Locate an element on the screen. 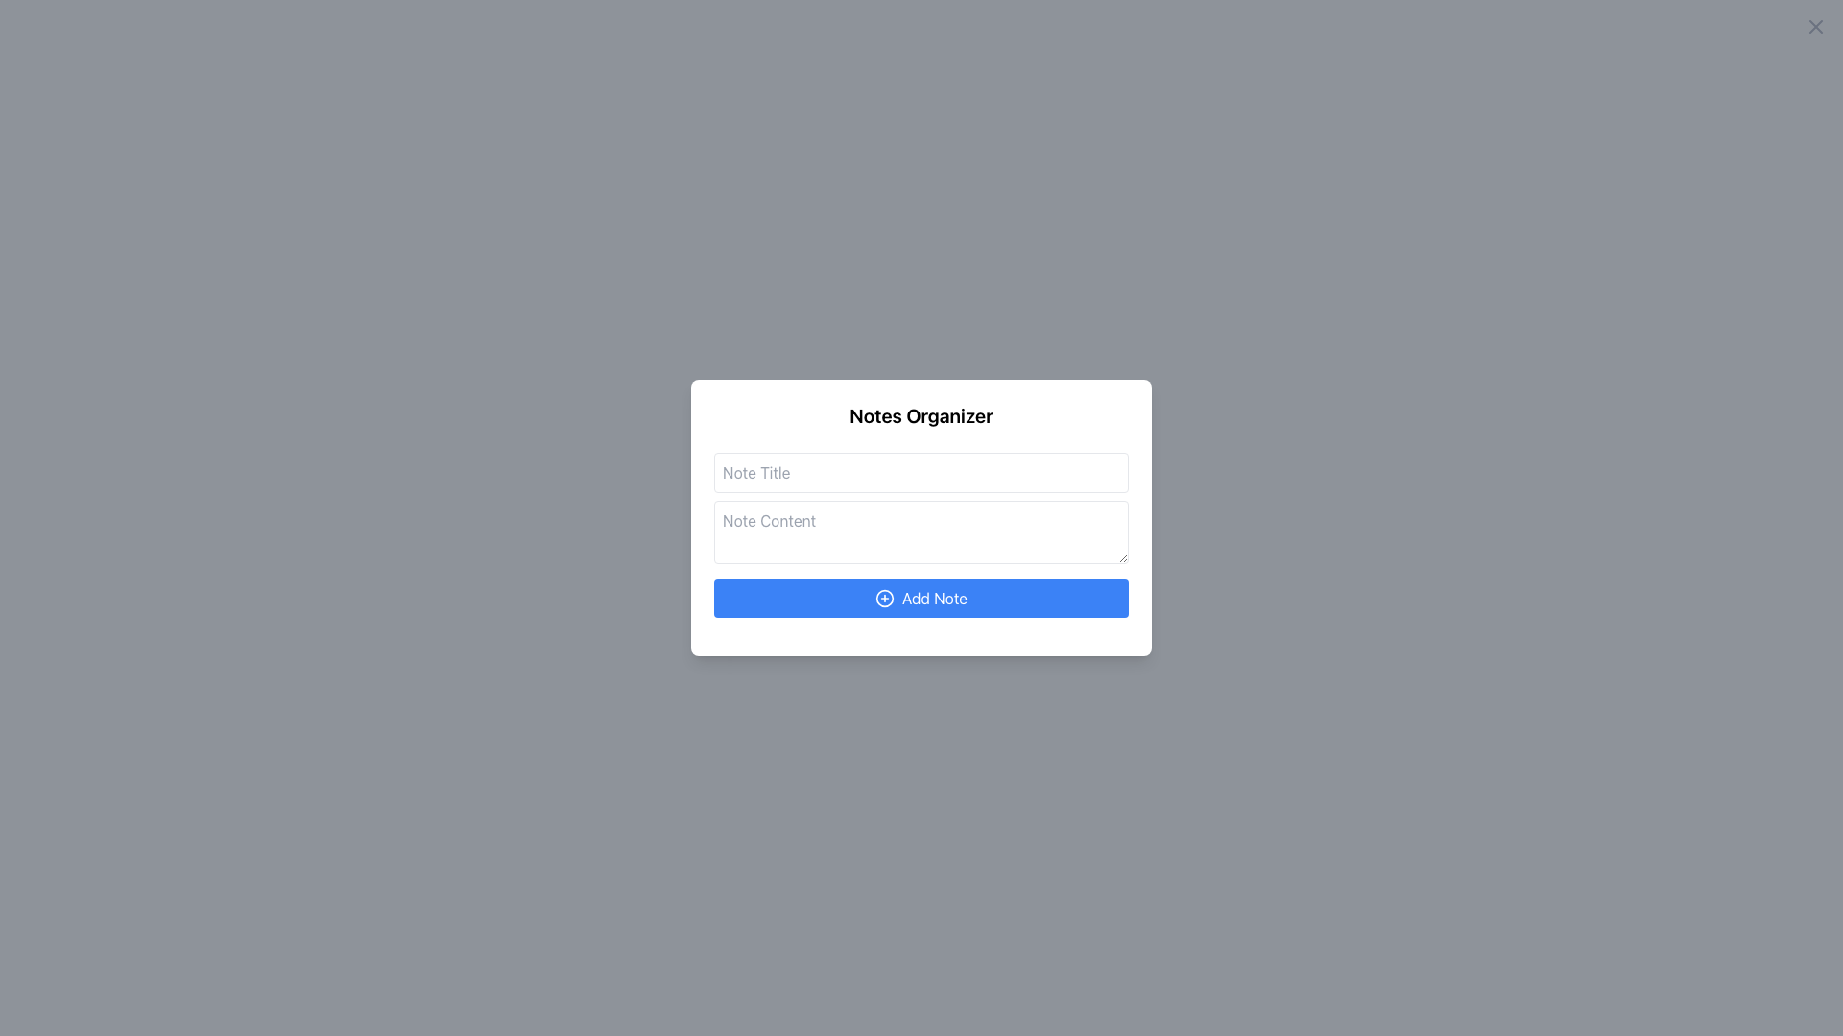 The image size is (1843, 1036). the circular '+' icon with a blue outline inside the 'Add Note' button is located at coordinates (883, 598).